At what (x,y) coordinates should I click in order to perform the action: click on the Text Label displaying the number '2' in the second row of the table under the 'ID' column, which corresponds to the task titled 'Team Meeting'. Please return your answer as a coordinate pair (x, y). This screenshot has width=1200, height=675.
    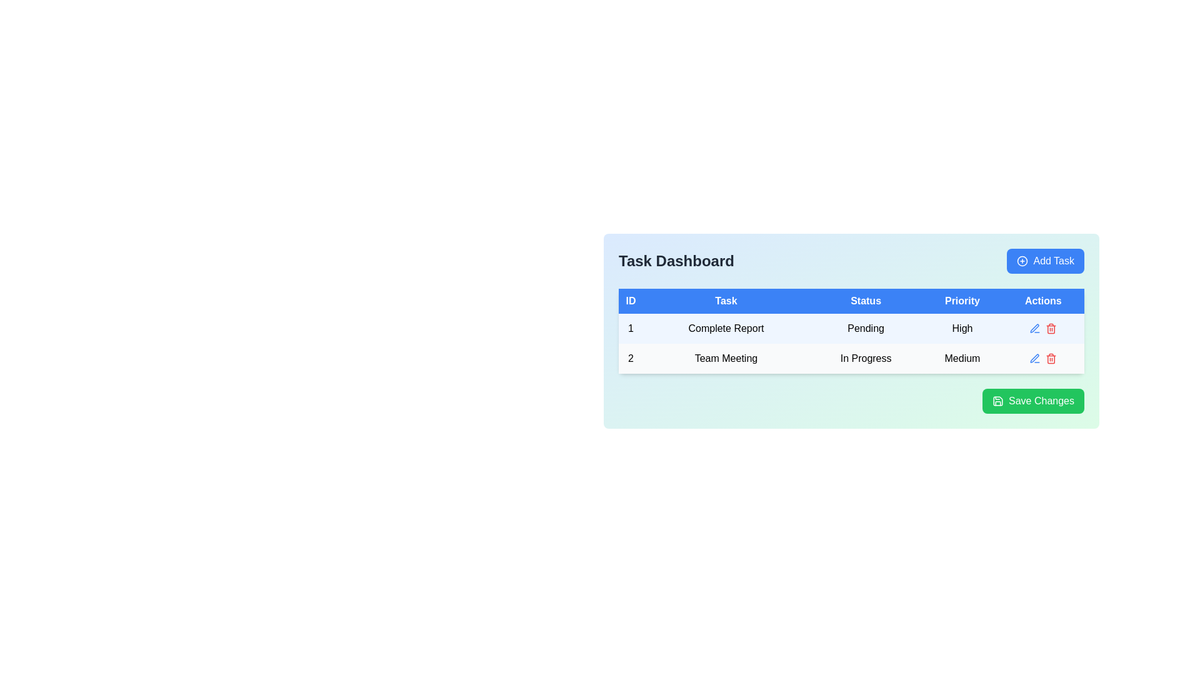
    Looking at the image, I should click on (631, 359).